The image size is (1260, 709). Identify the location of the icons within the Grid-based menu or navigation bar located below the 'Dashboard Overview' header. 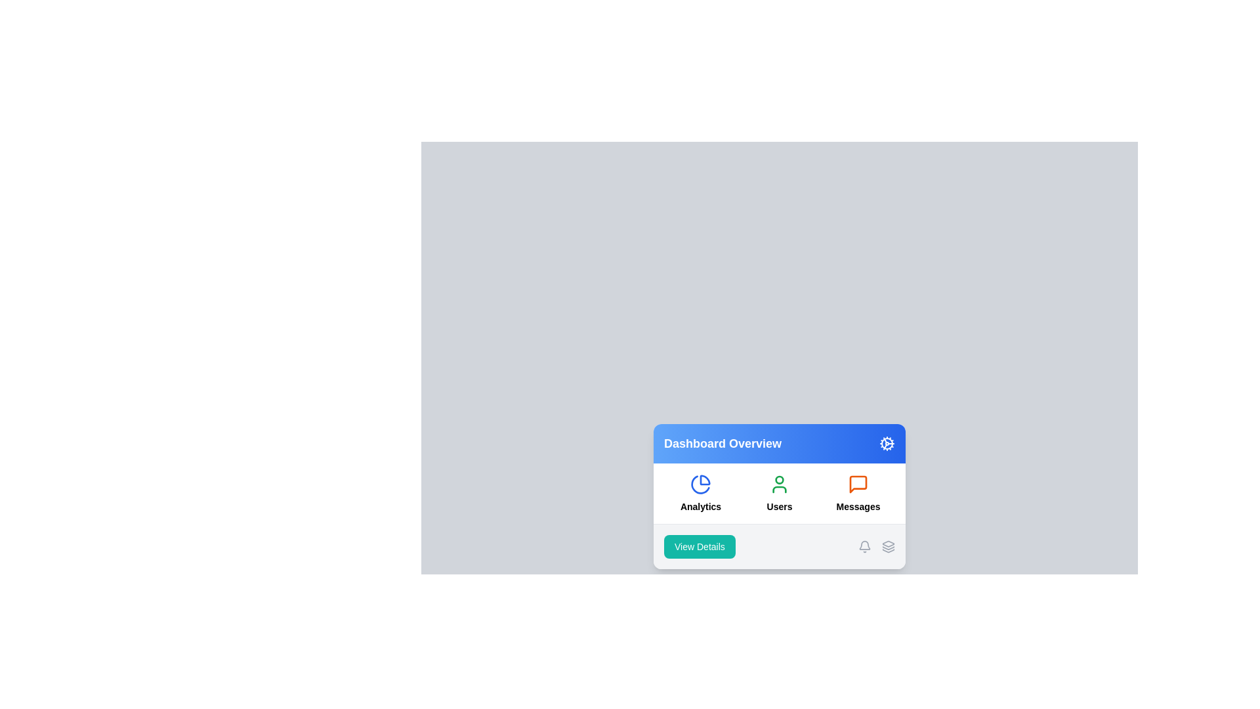
(780, 493).